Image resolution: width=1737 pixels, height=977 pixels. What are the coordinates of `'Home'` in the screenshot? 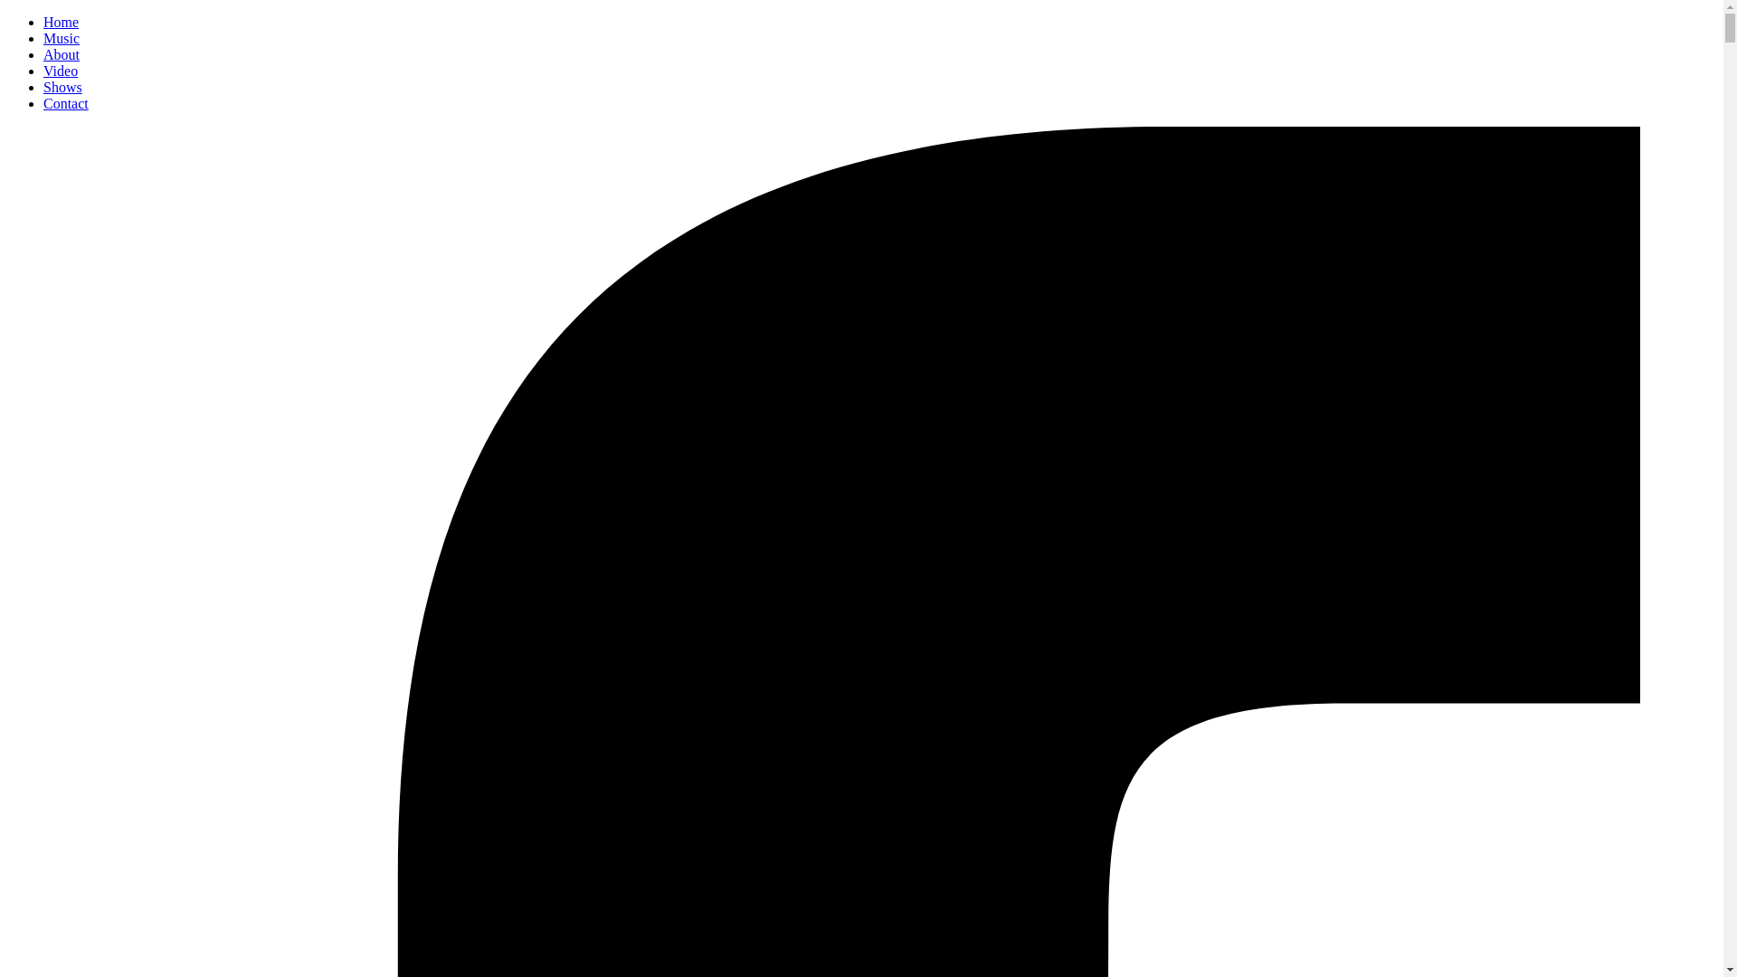 It's located at (61, 22).